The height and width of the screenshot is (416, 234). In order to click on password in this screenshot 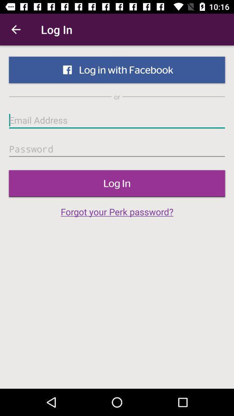, I will do `click(117, 149)`.